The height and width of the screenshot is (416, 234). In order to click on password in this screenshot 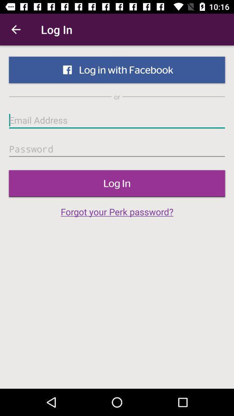, I will do `click(117, 149)`.